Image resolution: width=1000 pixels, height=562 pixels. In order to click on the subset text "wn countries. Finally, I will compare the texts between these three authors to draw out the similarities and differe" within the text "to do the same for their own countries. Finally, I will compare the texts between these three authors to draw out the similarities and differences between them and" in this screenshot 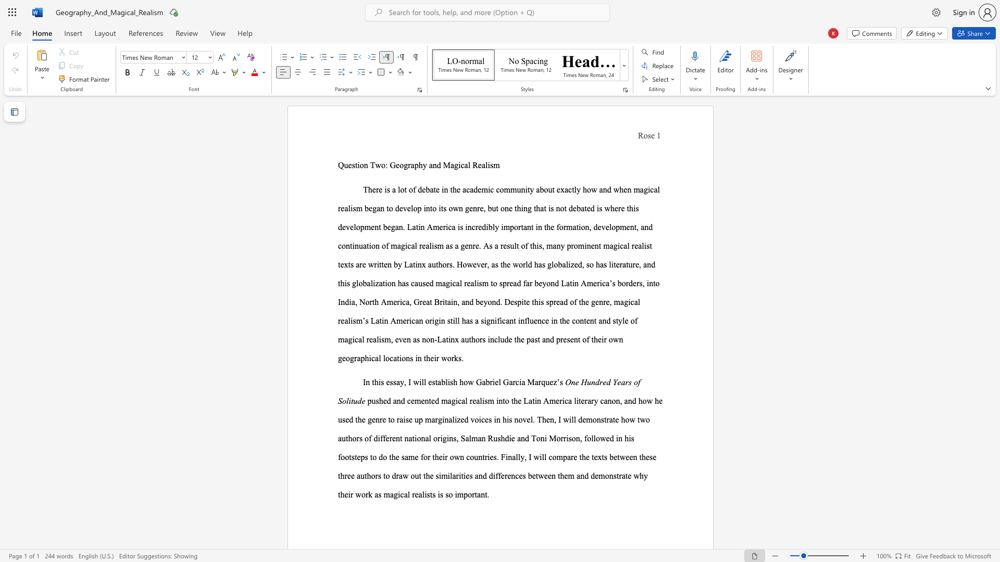, I will do `click(454, 456)`.